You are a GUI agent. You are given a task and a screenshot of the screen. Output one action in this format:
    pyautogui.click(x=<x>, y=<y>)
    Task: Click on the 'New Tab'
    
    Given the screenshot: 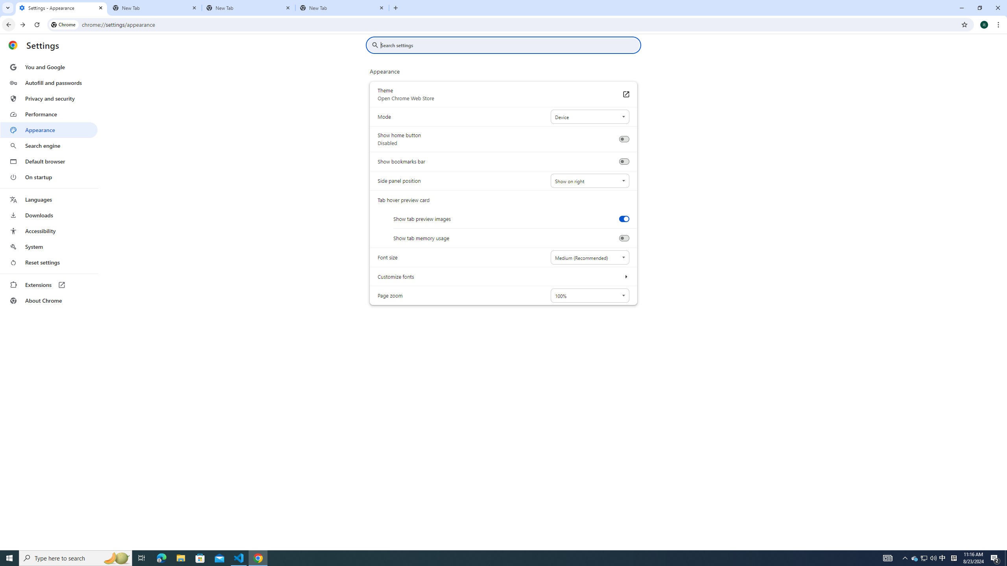 What is the action you would take?
    pyautogui.click(x=342, y=7)
    